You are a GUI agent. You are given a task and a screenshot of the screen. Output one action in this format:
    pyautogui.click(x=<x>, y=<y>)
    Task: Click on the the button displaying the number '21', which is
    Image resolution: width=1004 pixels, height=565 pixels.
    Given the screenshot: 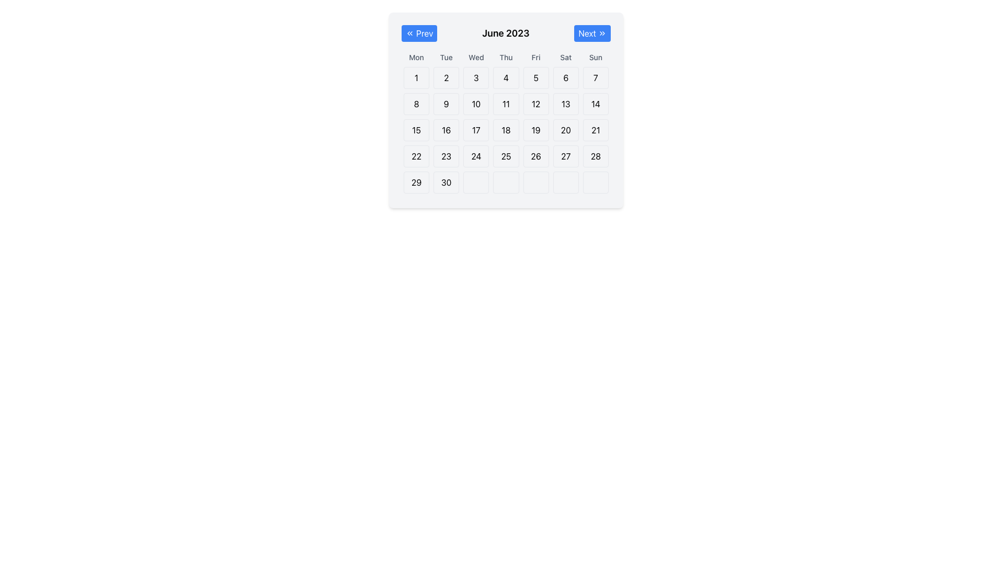 What is the action you would take?
    pyautogui.click(x=596, y=130)
    